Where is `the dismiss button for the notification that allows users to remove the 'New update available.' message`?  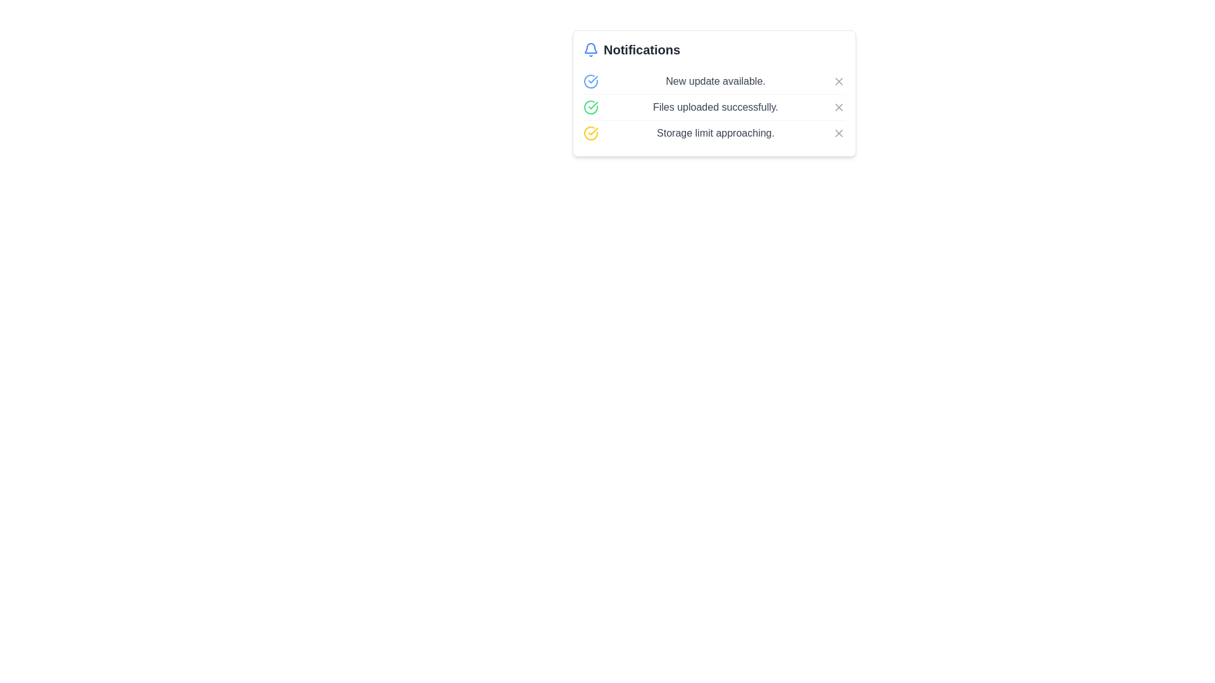
the dismiss button for the notification that allows users to remove the 'New update available.' message is located at coordinates (838, 81).